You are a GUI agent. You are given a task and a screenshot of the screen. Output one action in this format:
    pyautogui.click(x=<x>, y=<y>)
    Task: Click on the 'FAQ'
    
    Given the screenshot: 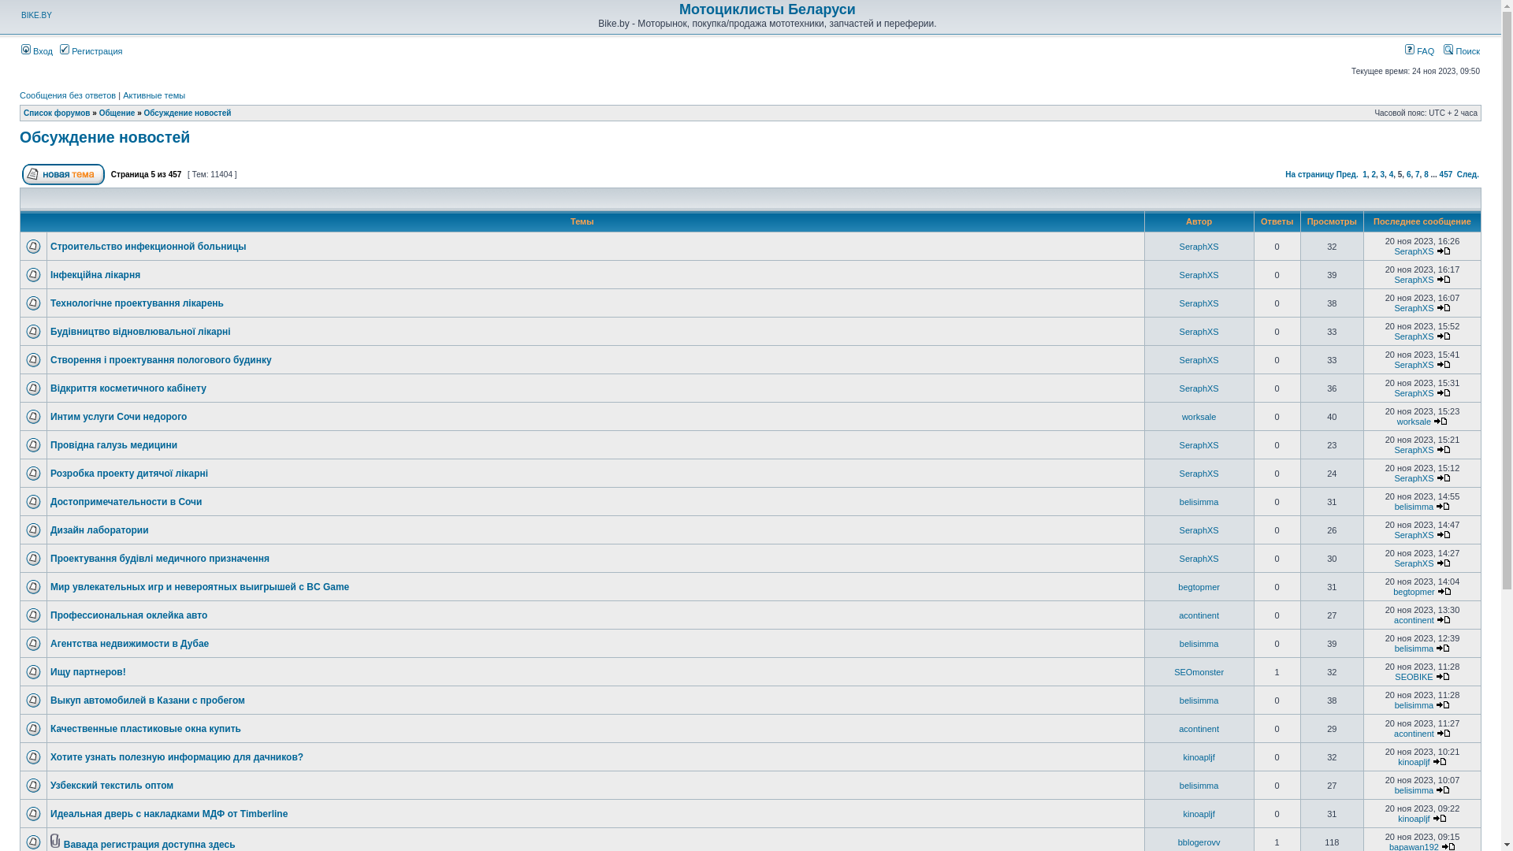 What is the action you would take?
    pyautogui.click(x=1419, y=50)
    